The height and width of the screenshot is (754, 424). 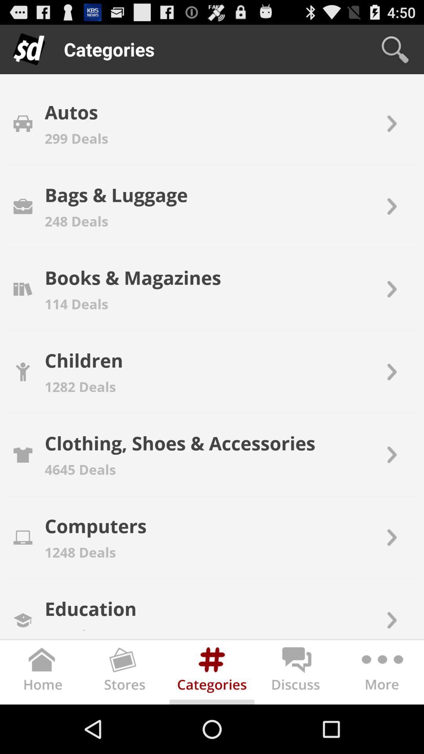 What do you see at coordinates (42, 721) in the screenshot?
I see `the home icon` at bounding box center [42, 721].